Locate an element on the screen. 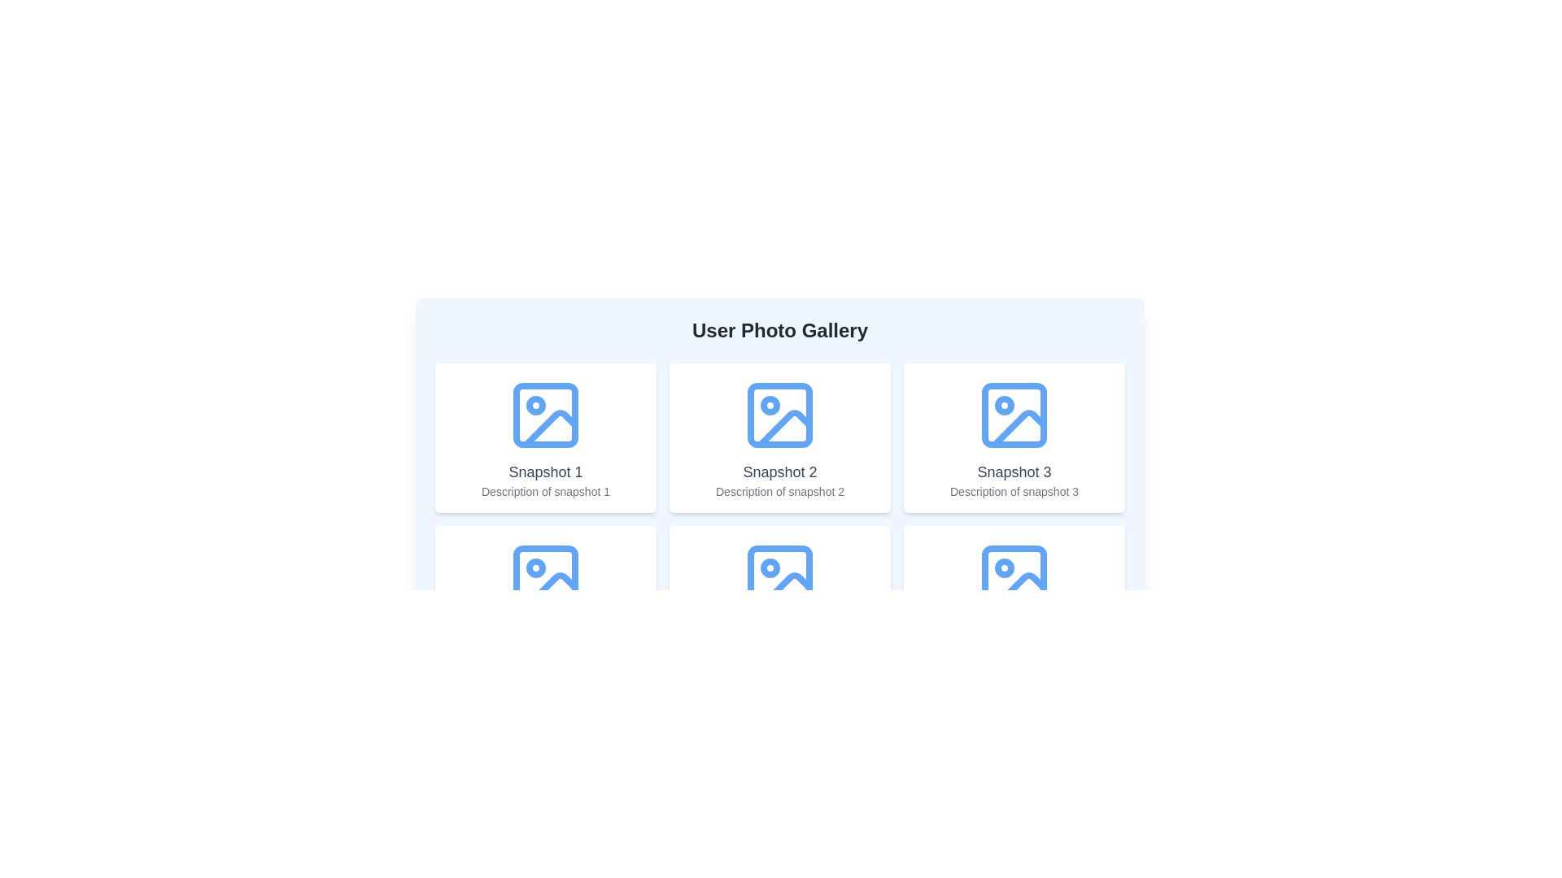  an item in the grid layout component located below the 'User Photo Gallery' title is located at coordinates (779, 519).